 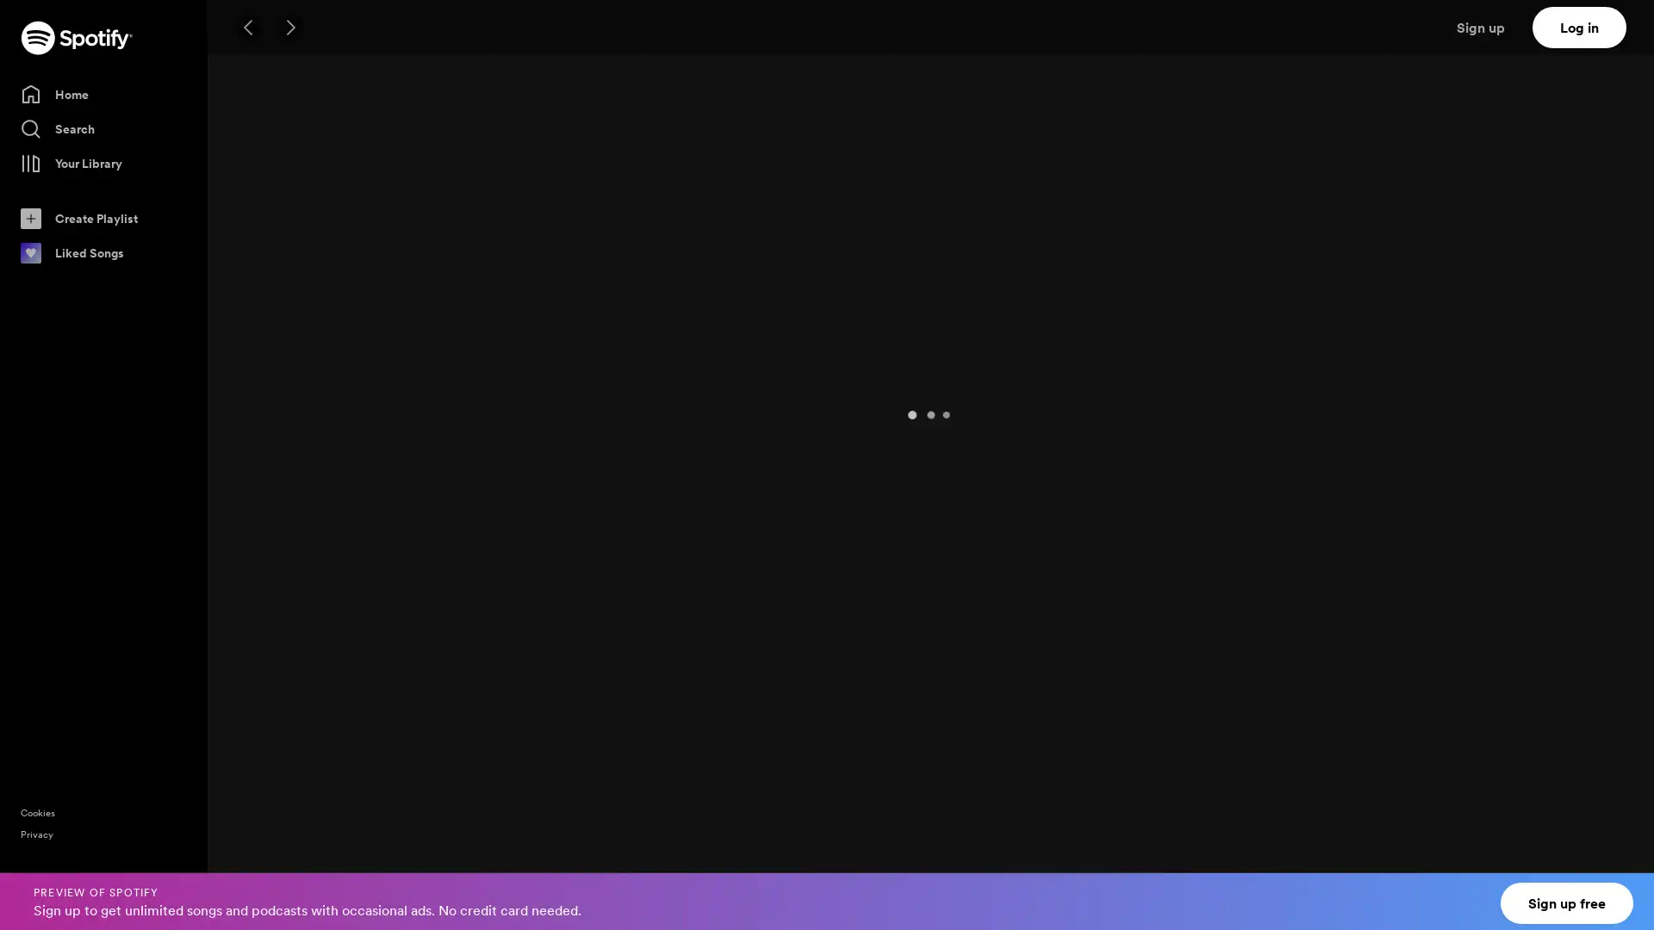 What do you see at coordinates (256, 501) in the screenshot?
I see `Play Hy a Scullyas Lyf a Dhagrow by Simon Farintosh` at bounding box center [256, 501].